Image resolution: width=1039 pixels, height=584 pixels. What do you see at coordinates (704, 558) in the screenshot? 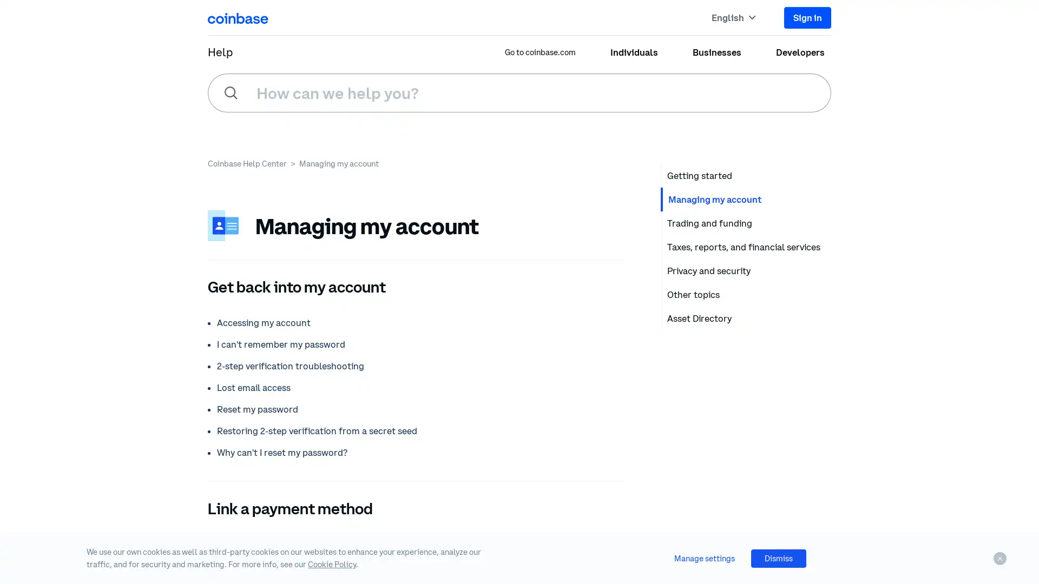
I see `Manage settings` at bounding box center [704, 558].